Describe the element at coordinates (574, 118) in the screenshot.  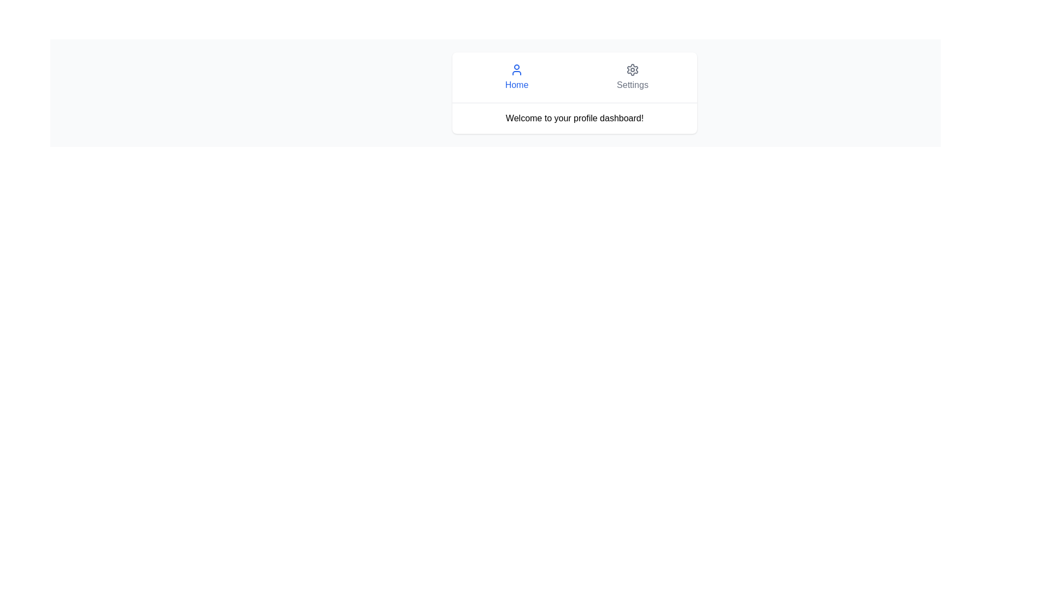
I see `the static text displaying 'Welcome to your profile dashboard!' which is centrally positioned below the 'Home' and 'Settings' navigation links` at that location.